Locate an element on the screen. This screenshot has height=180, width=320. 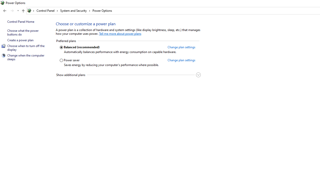
'Choose when to turn off the display' is located at coordinates (26, 47).